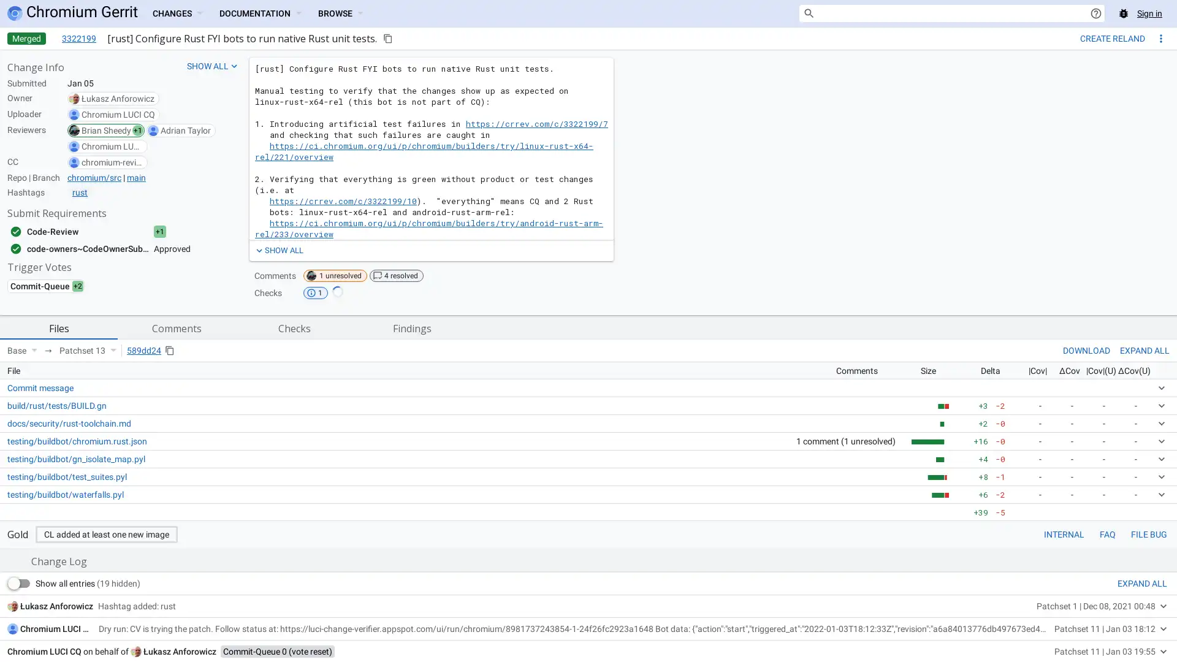 The height and width of the screenshot is (662, 1177). What do you see at coordinates (387, 37) in the screenshot?
I see `Click to copy to clipboard` at bounding box center [387, 37].